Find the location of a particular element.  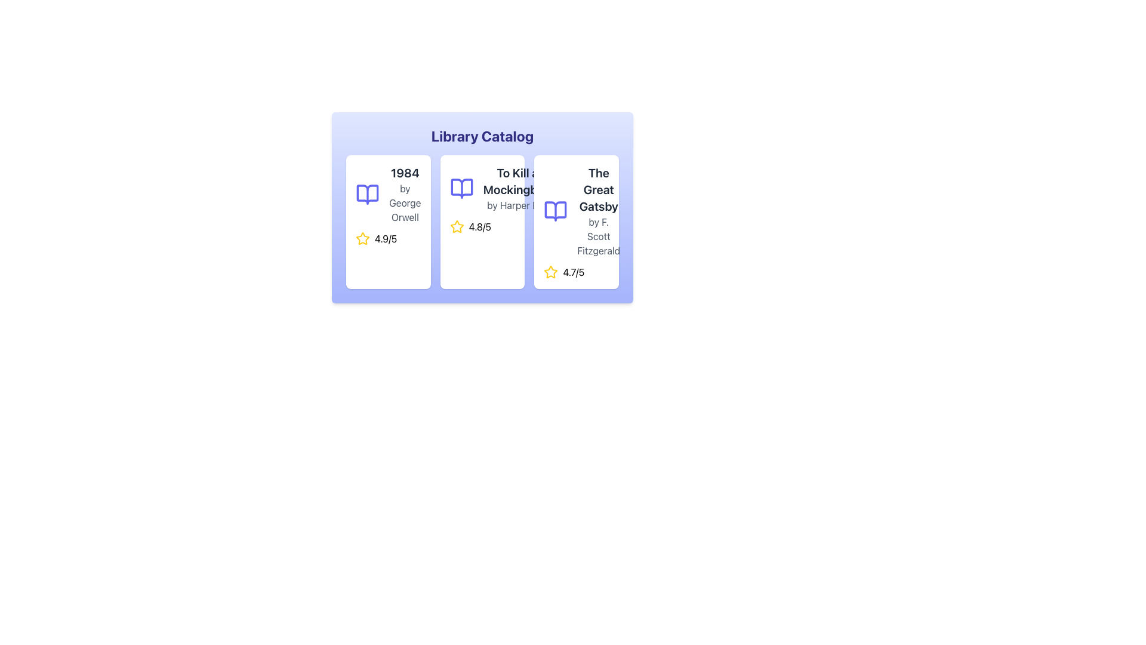

the book icon located within the card representing 'The Great Gatsby', positioned to the left of the title text is located at coordinates (555, 211).